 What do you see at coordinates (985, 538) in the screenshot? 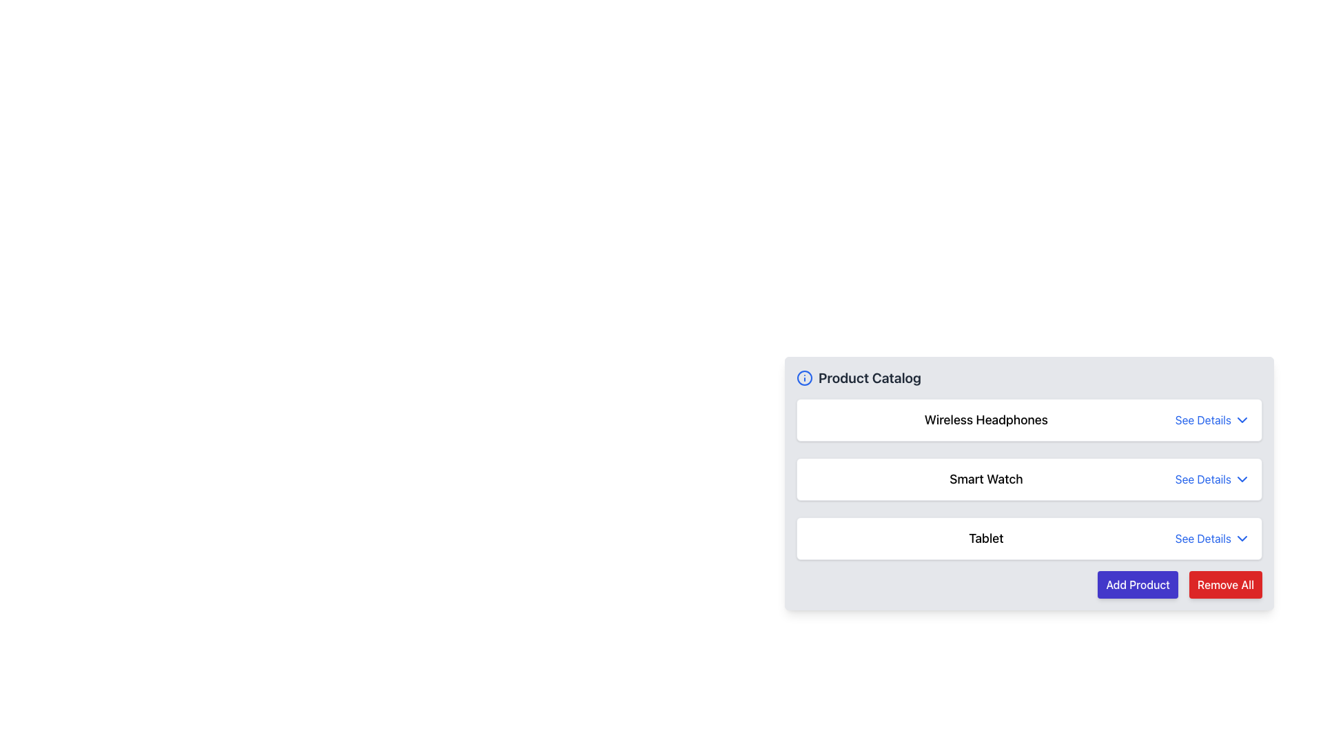
I see `the static text label indicating the product name 'Tablet', which is positioned below 'Wireless Headphones' and 'Smart Watch'` at bounding box center [985, 538].